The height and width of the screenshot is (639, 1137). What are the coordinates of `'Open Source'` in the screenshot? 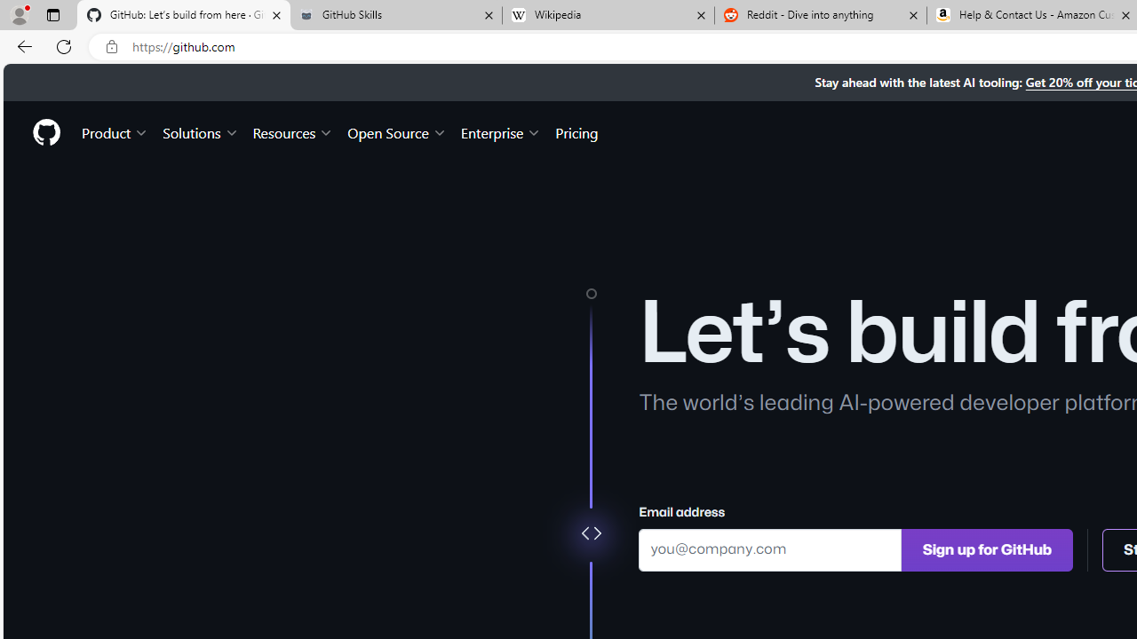 It's located at (395, 131).